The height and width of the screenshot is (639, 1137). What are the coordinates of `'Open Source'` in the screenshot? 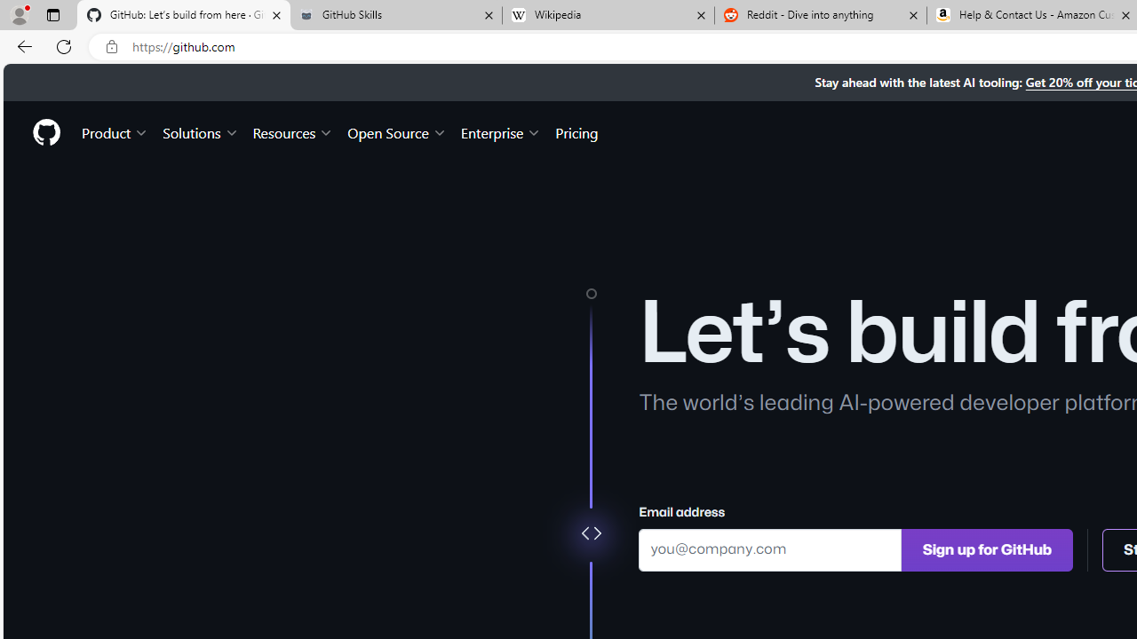 It's located at (395, 131).